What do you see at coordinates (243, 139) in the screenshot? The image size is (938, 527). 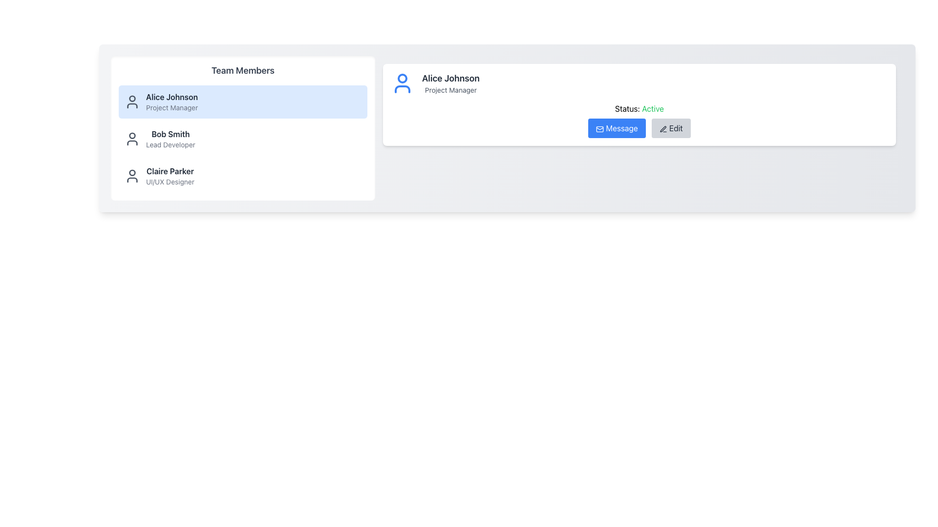 I see `the List Card element representing 'Bob Smith', the second card in the list under 'Team Members'` at bounding box center [243, 139].